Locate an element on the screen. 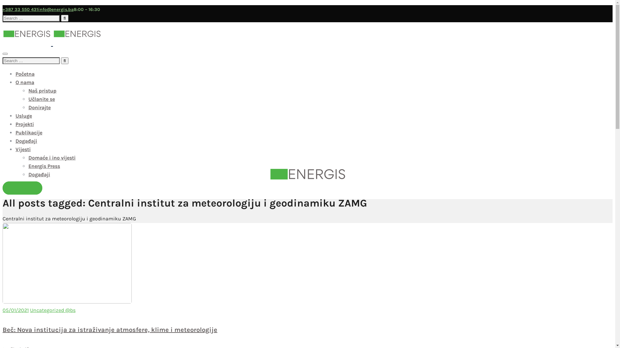  'Uncategorized @bs' is located at coordinates (53, 310).